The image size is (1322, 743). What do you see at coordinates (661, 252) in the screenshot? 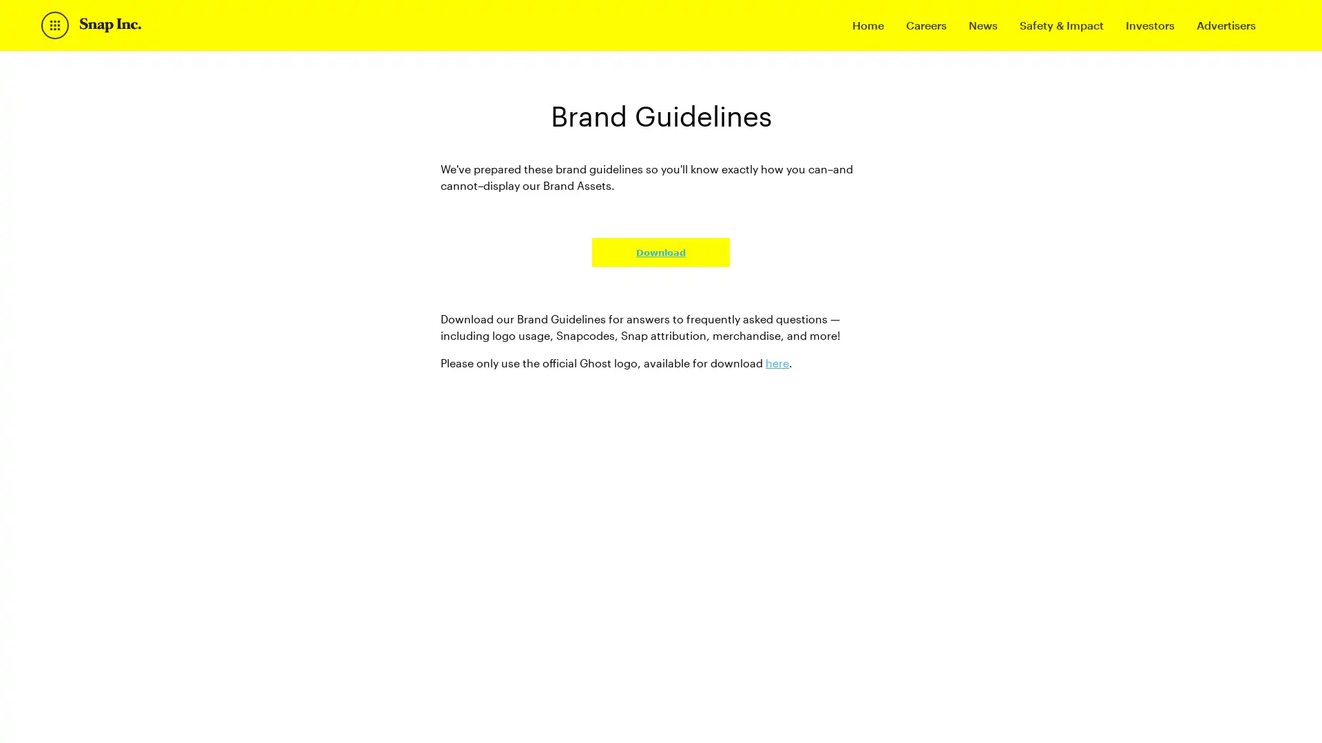
I see `Download` at bounding box center [661, 252].